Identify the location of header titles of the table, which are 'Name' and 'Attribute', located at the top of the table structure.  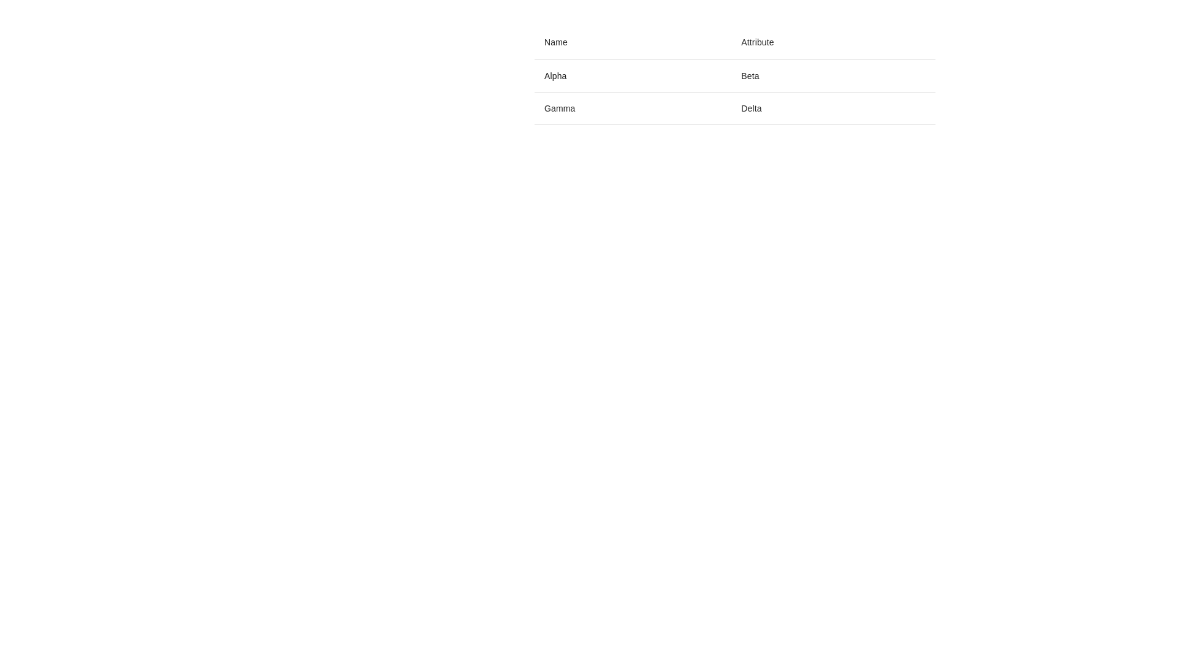
(735, 42).